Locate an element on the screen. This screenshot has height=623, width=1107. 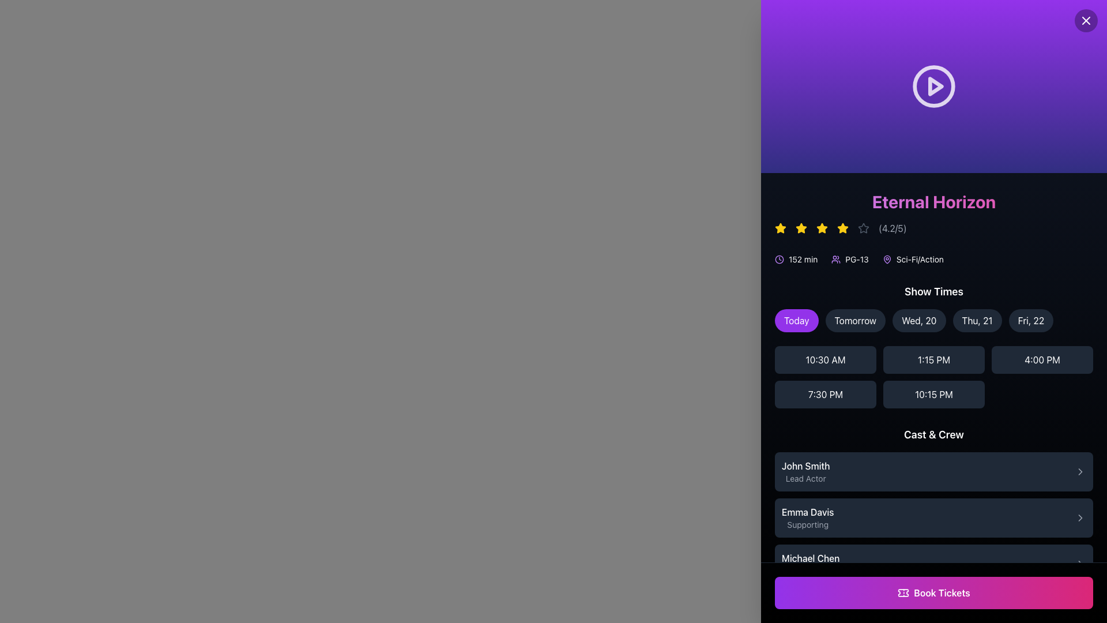
the first yellow star icon which represents a rating, located on the right side of the layout above the movie's textual details, to trigger the tooltip or effect is located at coordinates (780, 228).